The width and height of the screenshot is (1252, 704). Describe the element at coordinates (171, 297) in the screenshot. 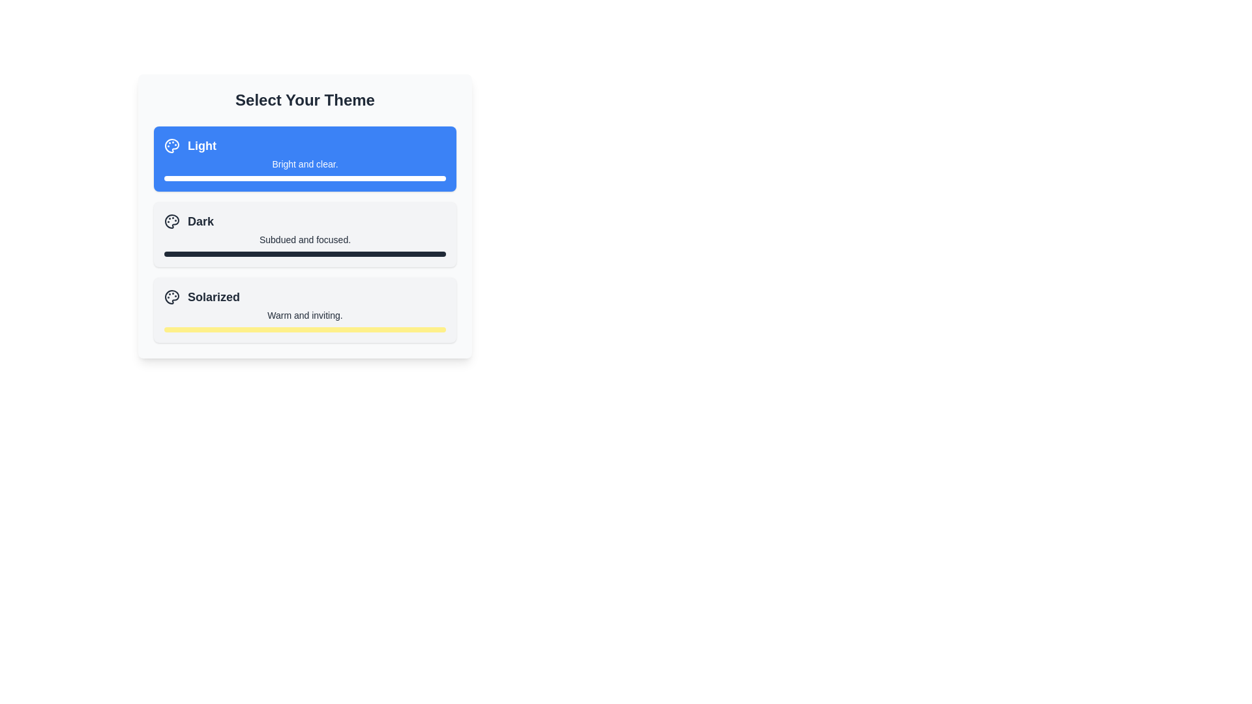

I see `the artistic theme icon representing the 'Solarized' theme, which is located to the left of the text 'Solarized'` at that location.